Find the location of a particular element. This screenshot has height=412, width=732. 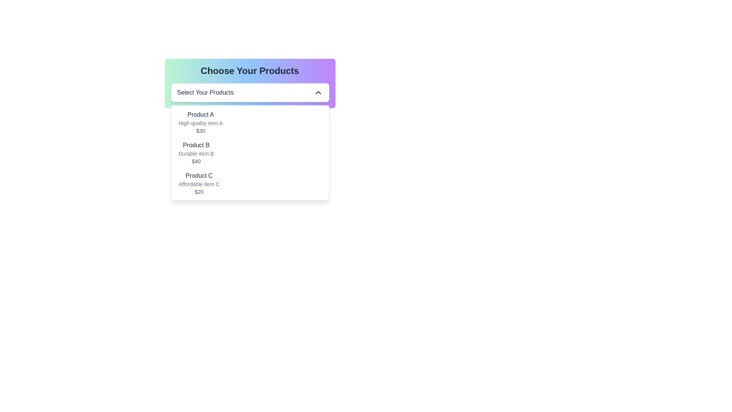

the second list item in the dropdown menu is located at coordinates (196, 153).